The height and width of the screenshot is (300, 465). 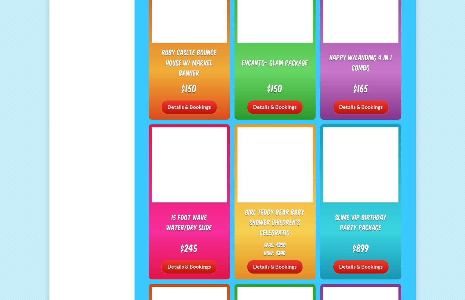 What do you see at coordinates (270, 244) in the screenshot?
I see `'Was:'` at bounding box center [270, 244].